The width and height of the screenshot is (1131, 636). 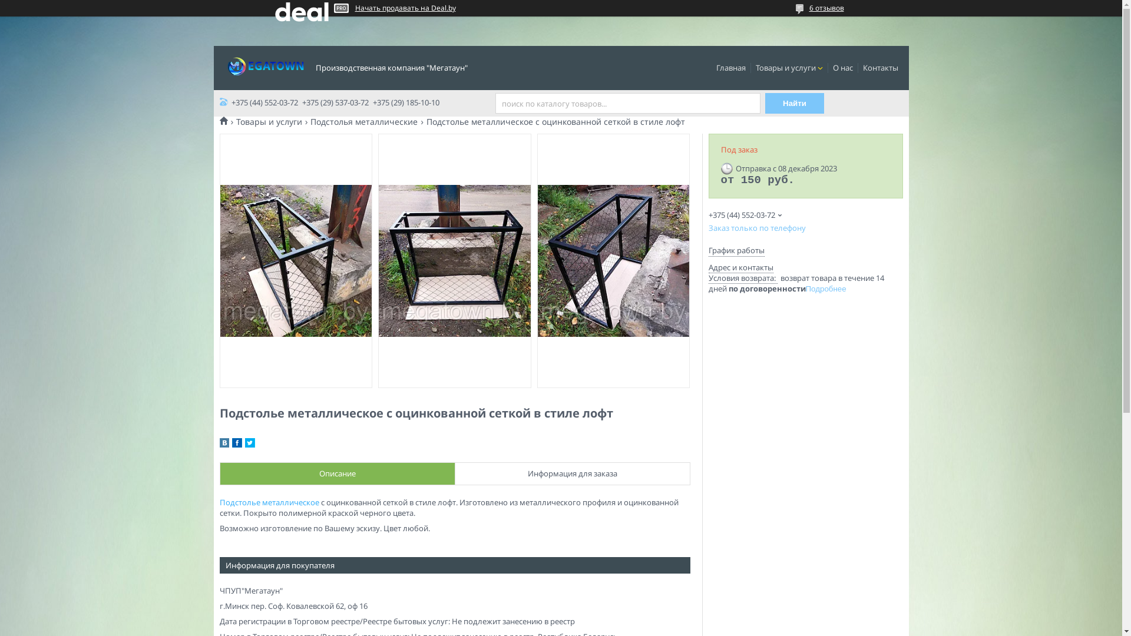 I want to click on 'facebook', so click(x=232, y=445).